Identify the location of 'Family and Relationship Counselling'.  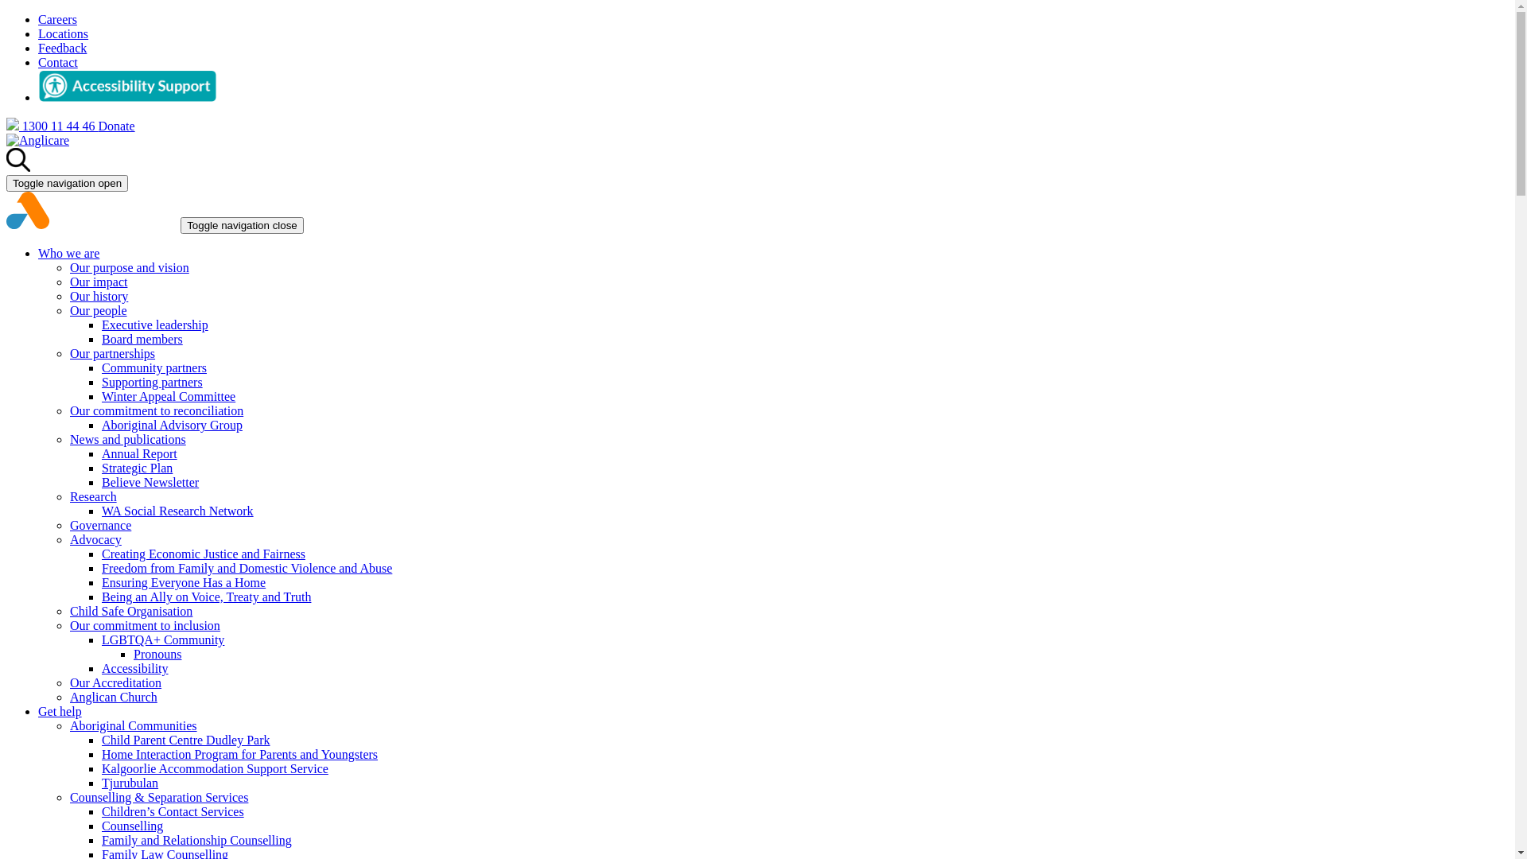
(196, 839).